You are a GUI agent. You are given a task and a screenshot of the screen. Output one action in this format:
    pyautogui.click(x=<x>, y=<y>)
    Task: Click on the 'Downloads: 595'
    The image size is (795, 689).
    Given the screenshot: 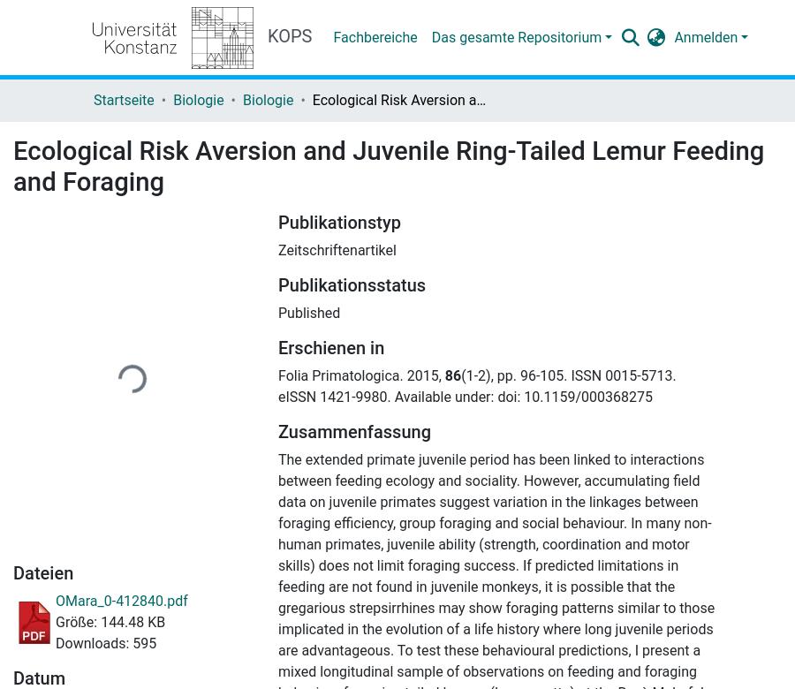 What is the action you would take?
    pyautogui.click(x=105, y=642)
    